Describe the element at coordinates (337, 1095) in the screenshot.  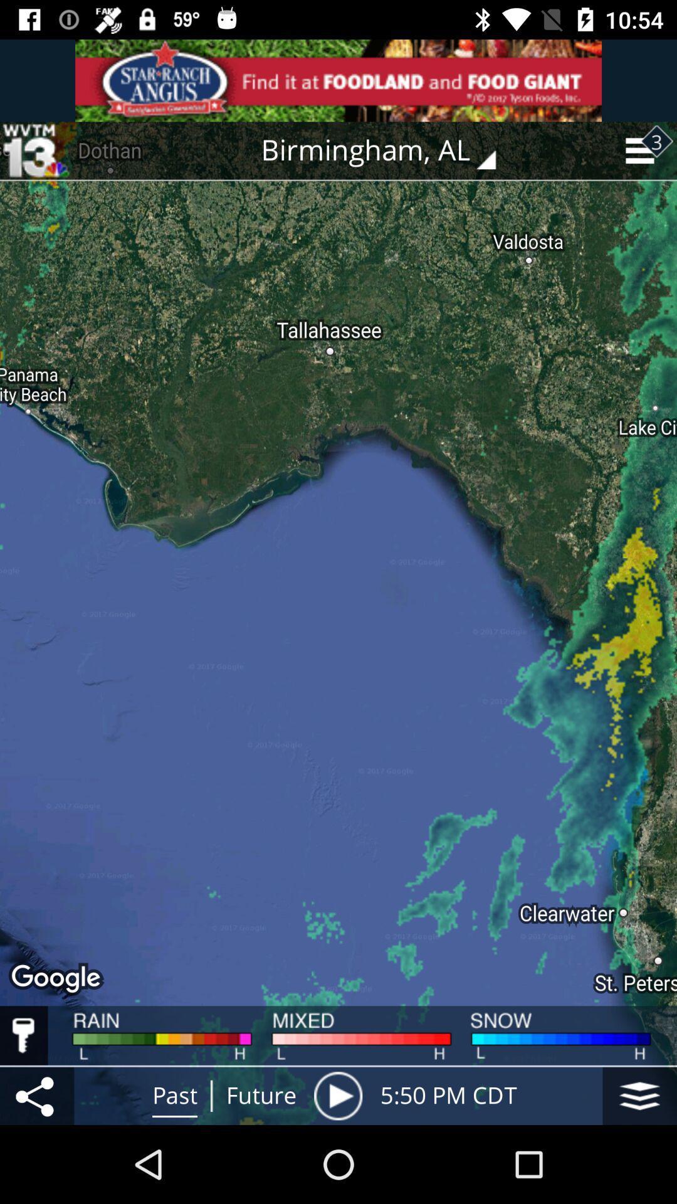
I see `weather video` at that location.